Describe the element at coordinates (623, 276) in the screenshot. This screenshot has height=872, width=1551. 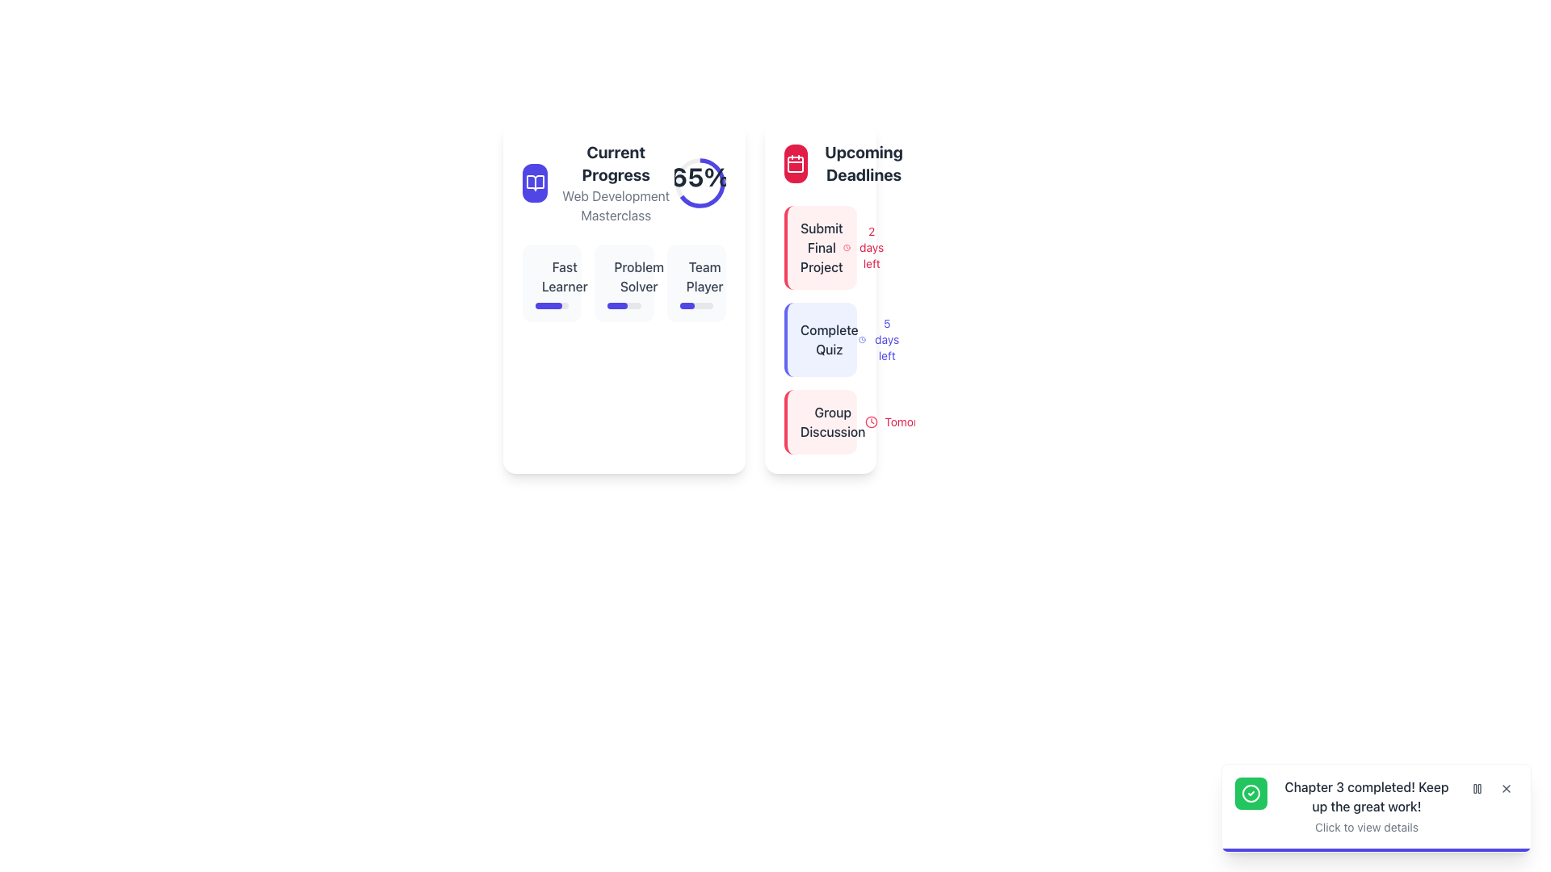
I see `the Text label with icon in the 'Current Progress' section, located beneath the title 'Current Progress', centered between the labels 'Fast Learner' and 'Team Player'` at that location.